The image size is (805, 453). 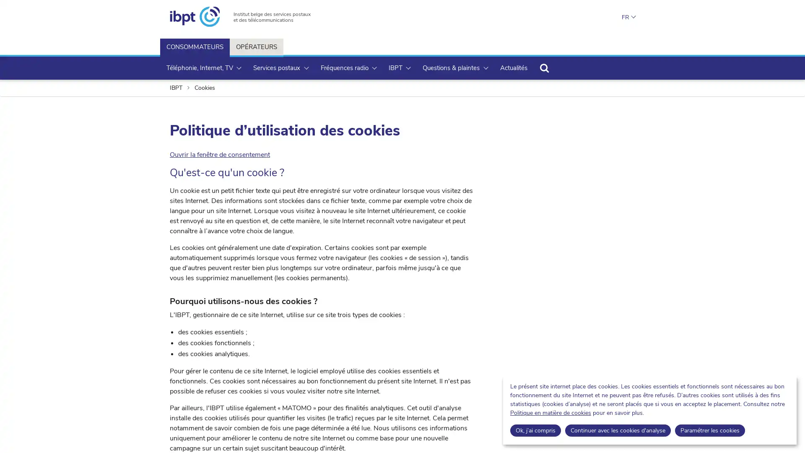 I want to click on Telephonie, Internet, TV, so click(x=203, y=68).